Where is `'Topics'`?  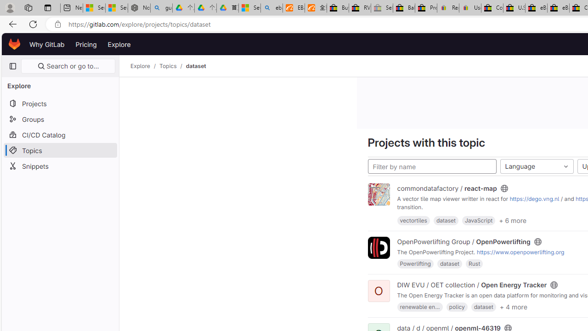 'Topics' is located at coordinates (168, 66).